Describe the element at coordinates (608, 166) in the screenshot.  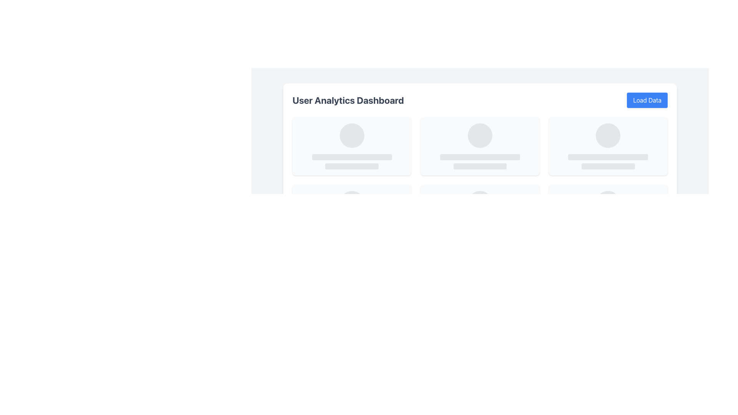
I see `the narrow rectangular placeholder with rounded corners that is light gray and positioned below a wider placeholder` at that location.